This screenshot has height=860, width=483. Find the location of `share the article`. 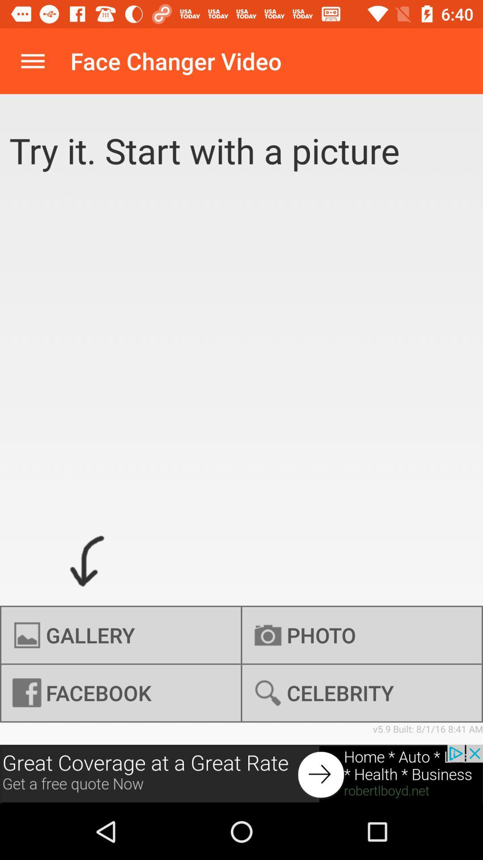

share the article is located at coordinates (241, 774).